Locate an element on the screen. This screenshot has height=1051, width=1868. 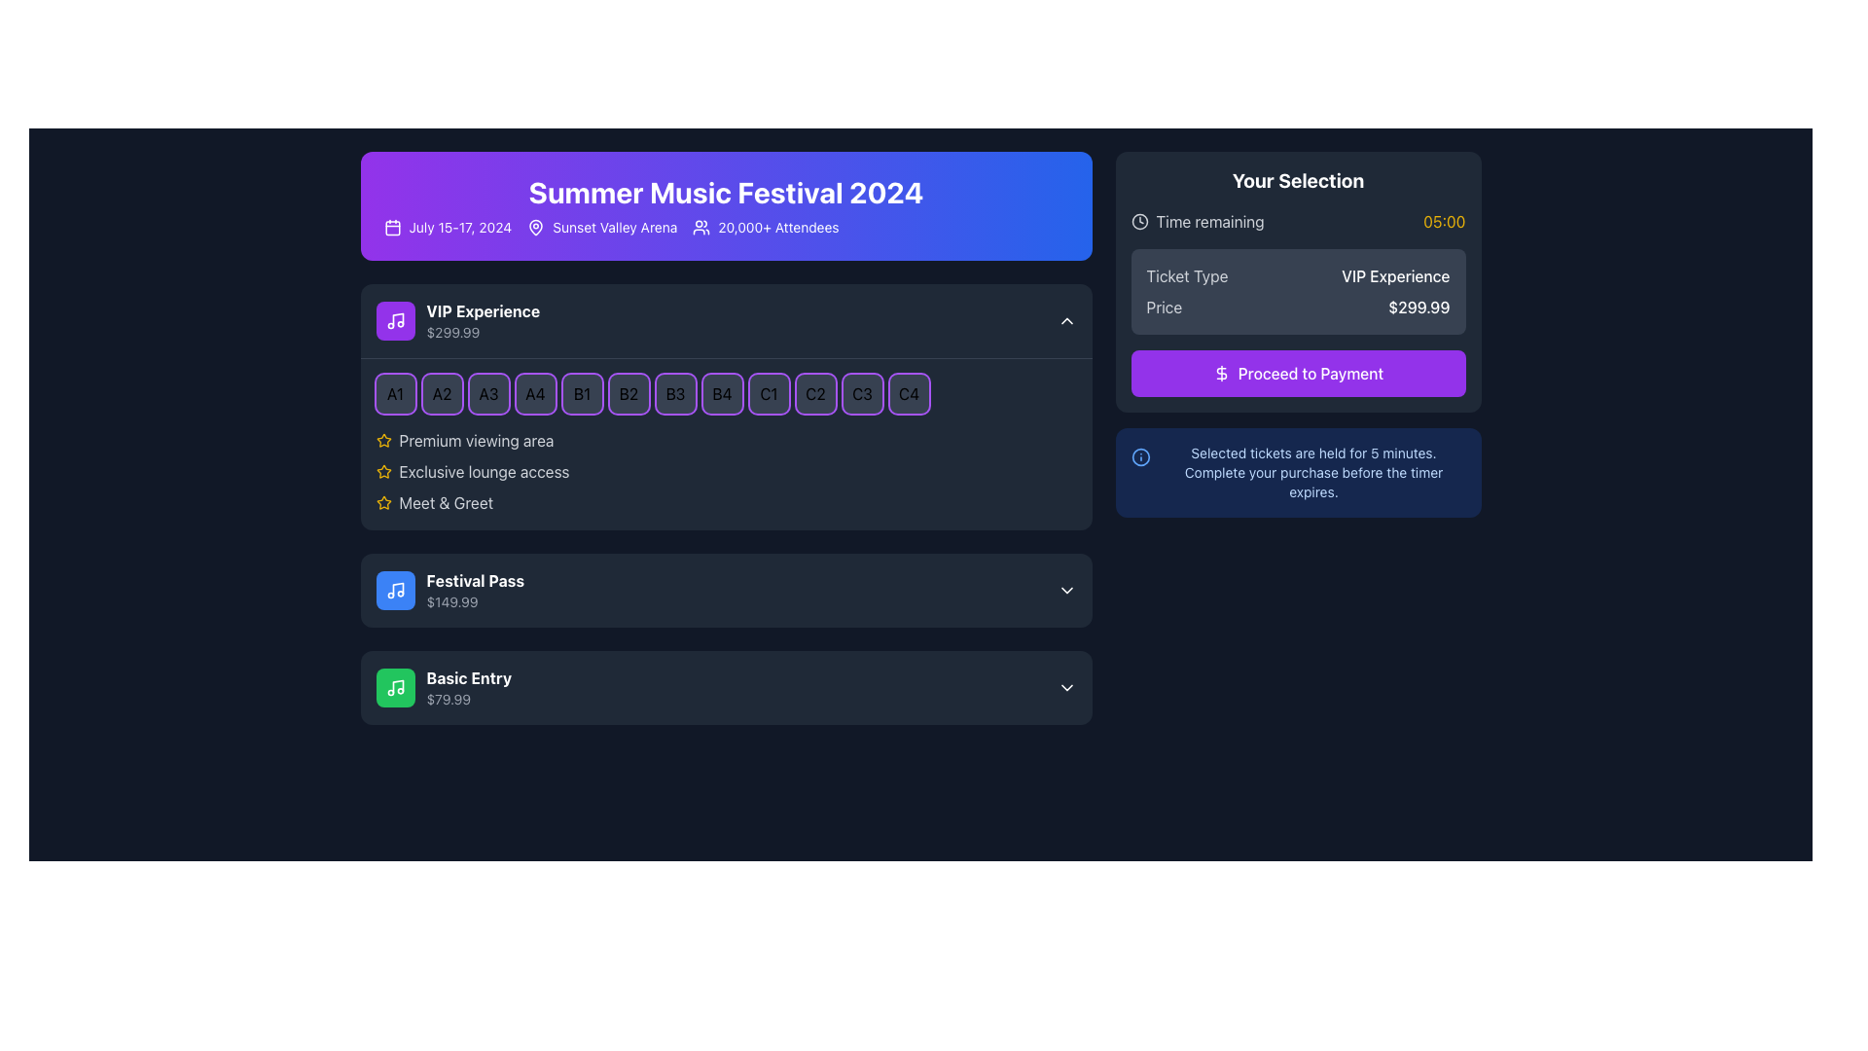
the Text Label displaying the name of the selected ticket type, located in the 'Your Selection' section, adjacent to the 'Ticket Type' label is located at coordinates (1394, 276).